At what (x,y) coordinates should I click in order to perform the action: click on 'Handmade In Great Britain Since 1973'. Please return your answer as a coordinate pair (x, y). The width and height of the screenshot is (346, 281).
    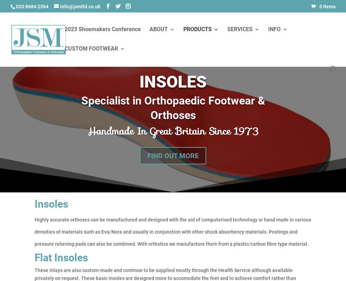
    Looking at the image, I should click on (172, 131).